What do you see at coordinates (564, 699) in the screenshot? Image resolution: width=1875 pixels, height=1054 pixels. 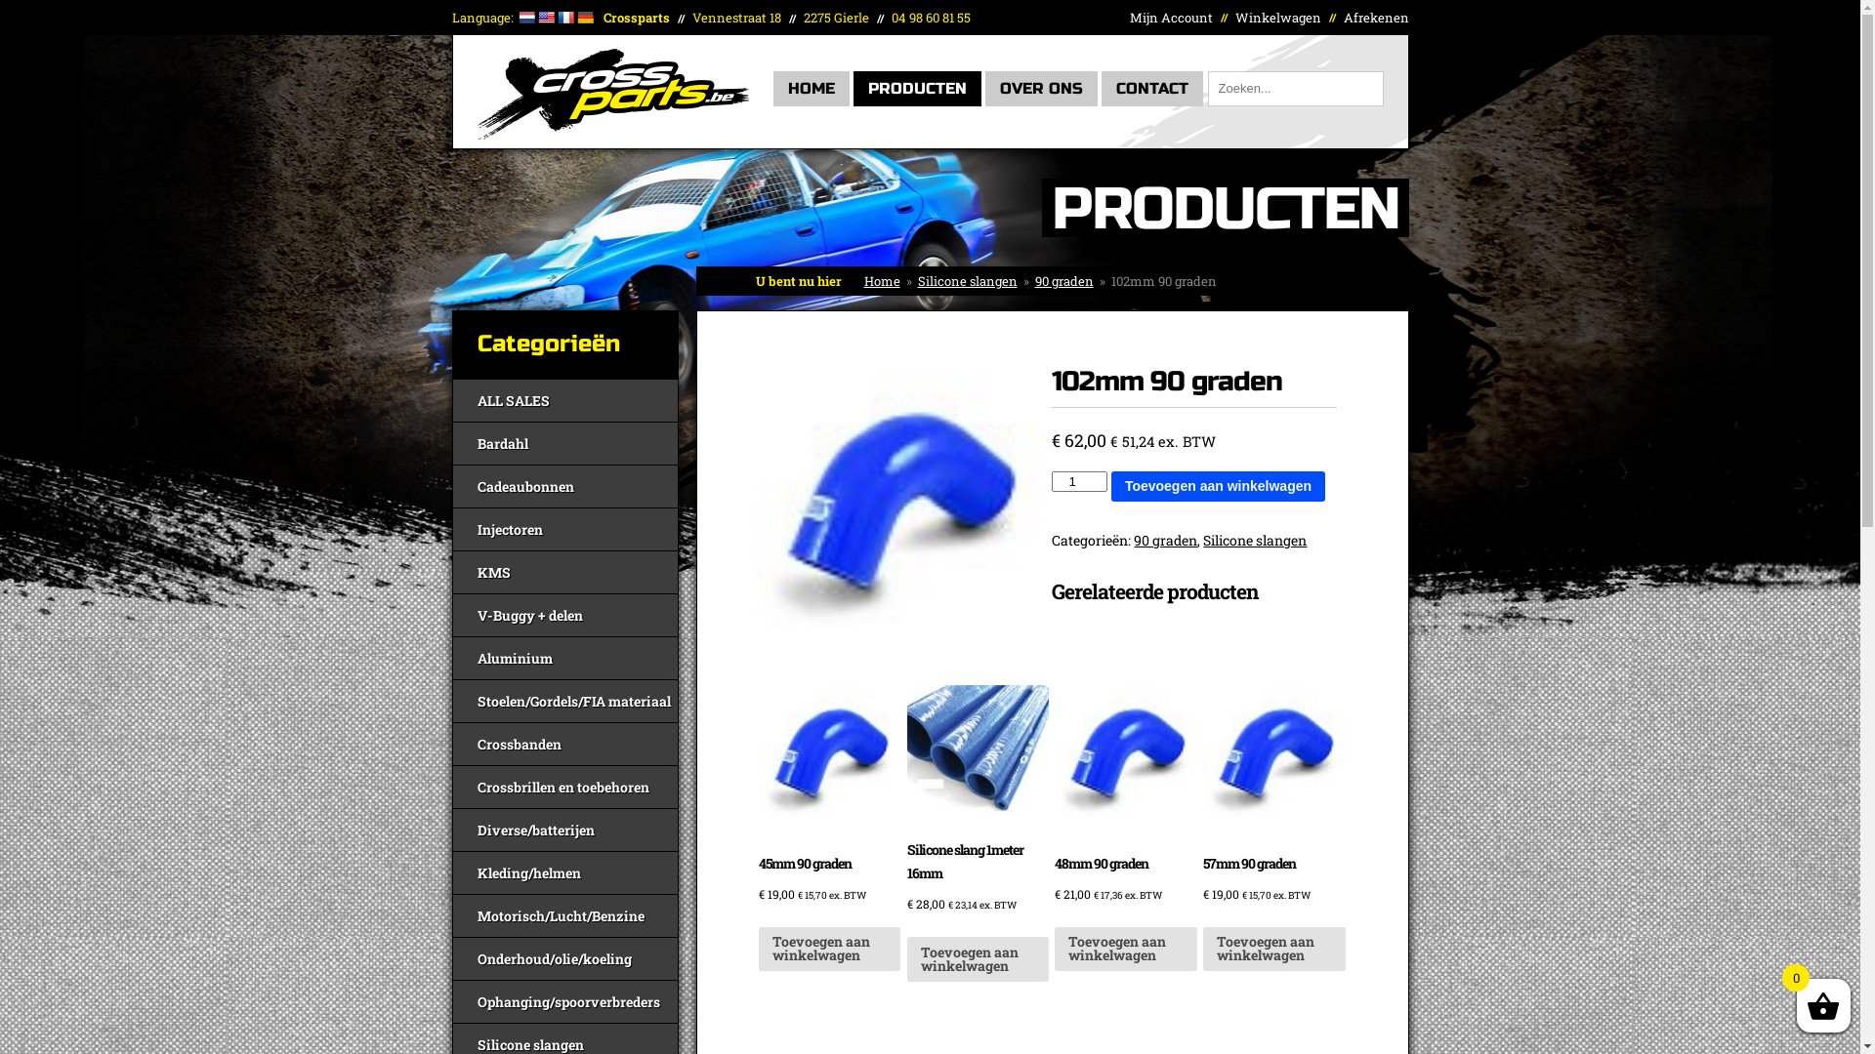 I see `'Stoelen/Gordels/FIA materiaal'` at bounding box center [564, 699].